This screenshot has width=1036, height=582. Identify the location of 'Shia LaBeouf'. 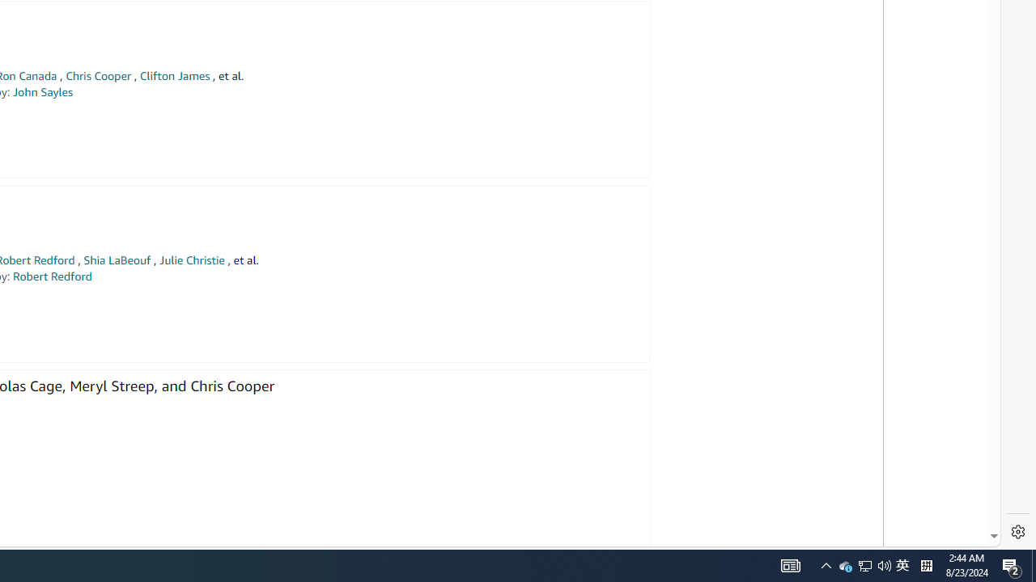
(116, 259).